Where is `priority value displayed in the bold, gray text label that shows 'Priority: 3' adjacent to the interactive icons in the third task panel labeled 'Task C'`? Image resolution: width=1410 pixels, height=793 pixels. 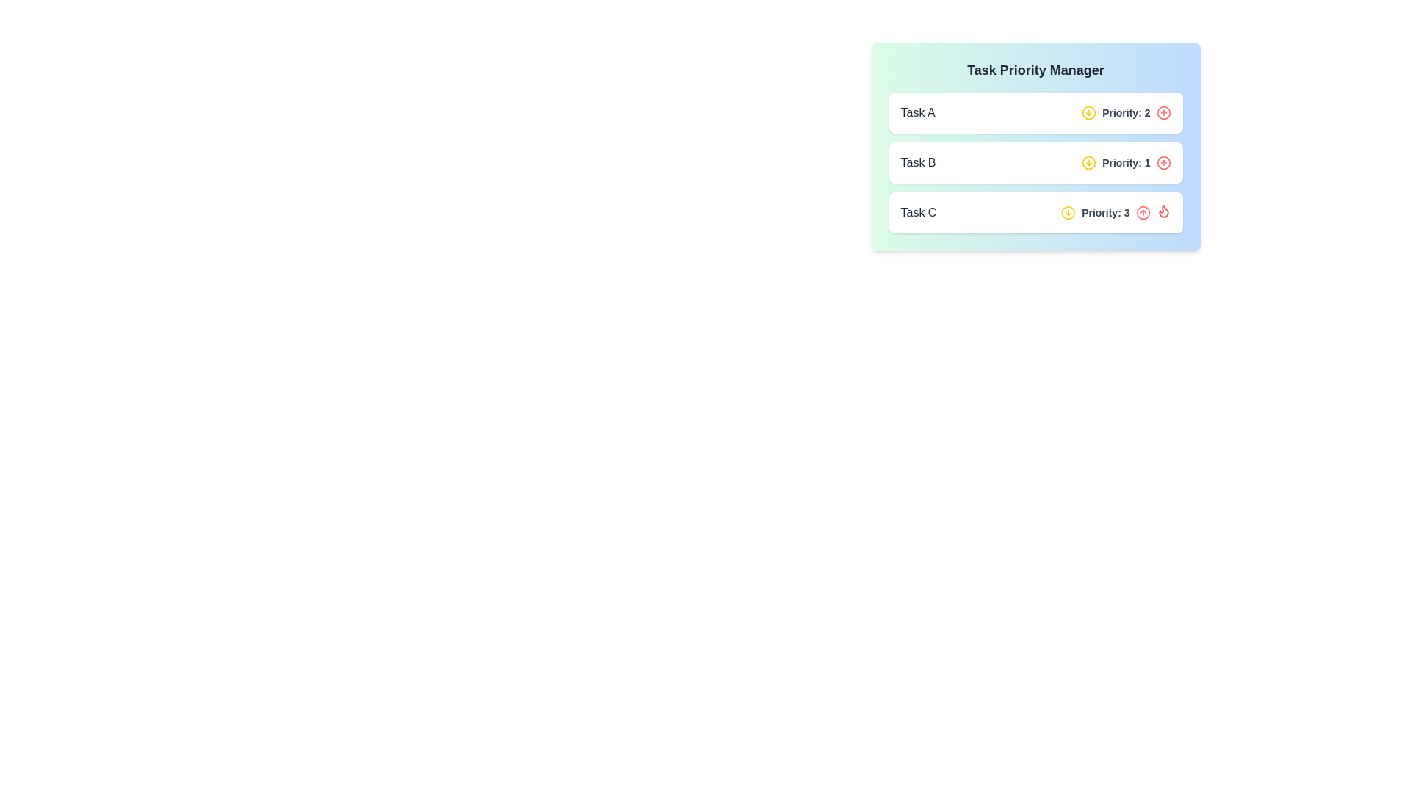 priority value displayed in the bold, gray text label that shows 'Priority: 3' adjacent to the interactive icons in the third task panel labeled 'Task C' is located at coordinates (1116, 212).